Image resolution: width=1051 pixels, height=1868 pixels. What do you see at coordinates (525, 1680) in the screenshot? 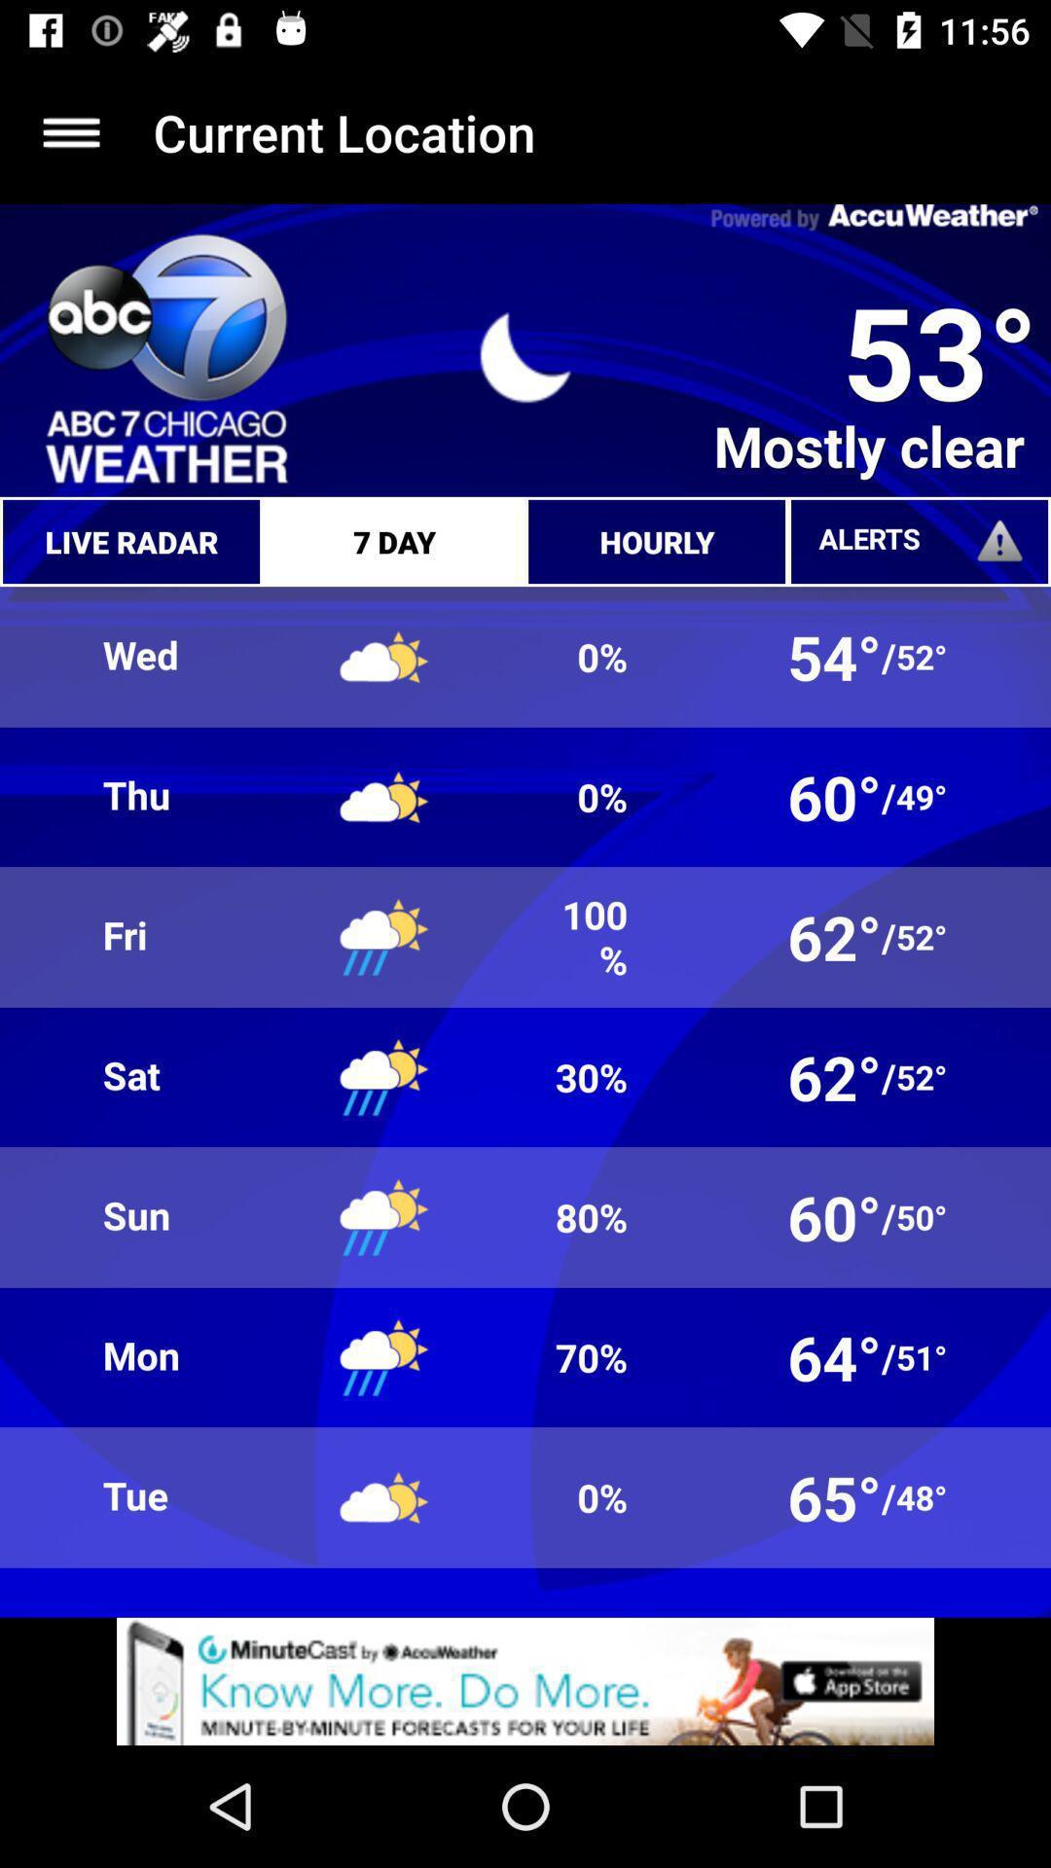
I see `advertisement` at bounding box center [525, 1680].